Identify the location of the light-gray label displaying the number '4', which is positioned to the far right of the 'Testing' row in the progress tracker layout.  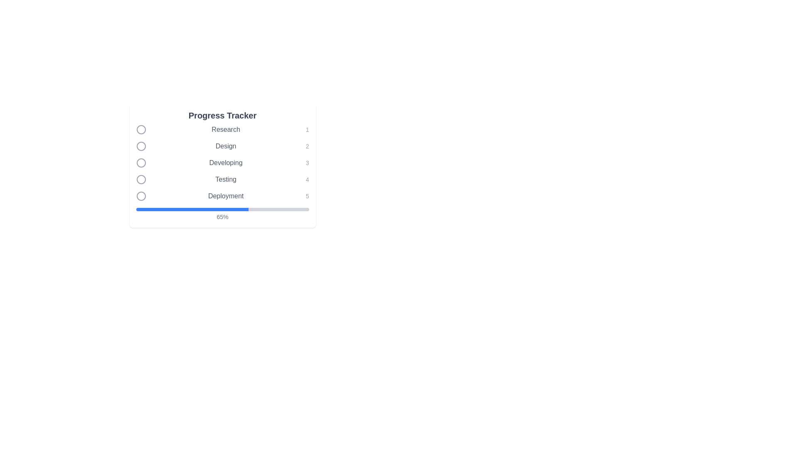
(307, 179).